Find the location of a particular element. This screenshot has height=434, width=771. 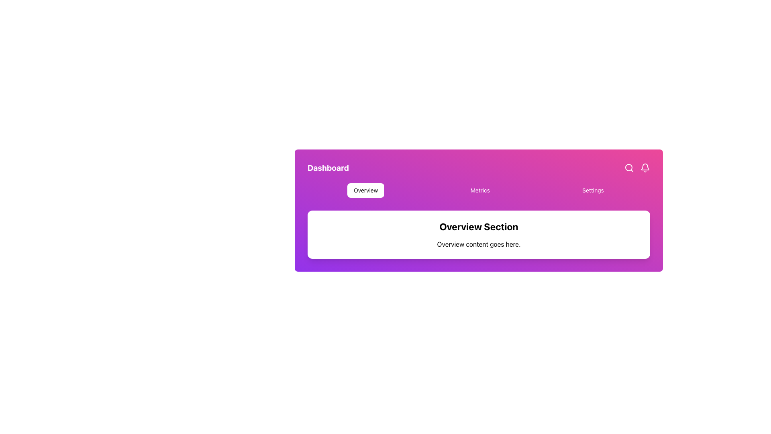

the 'Settings' button, which is a text-based button styled with a semi-rounded rectangle shape located on the right end of a horizontal menu bar is located at coordinates (593, 190).